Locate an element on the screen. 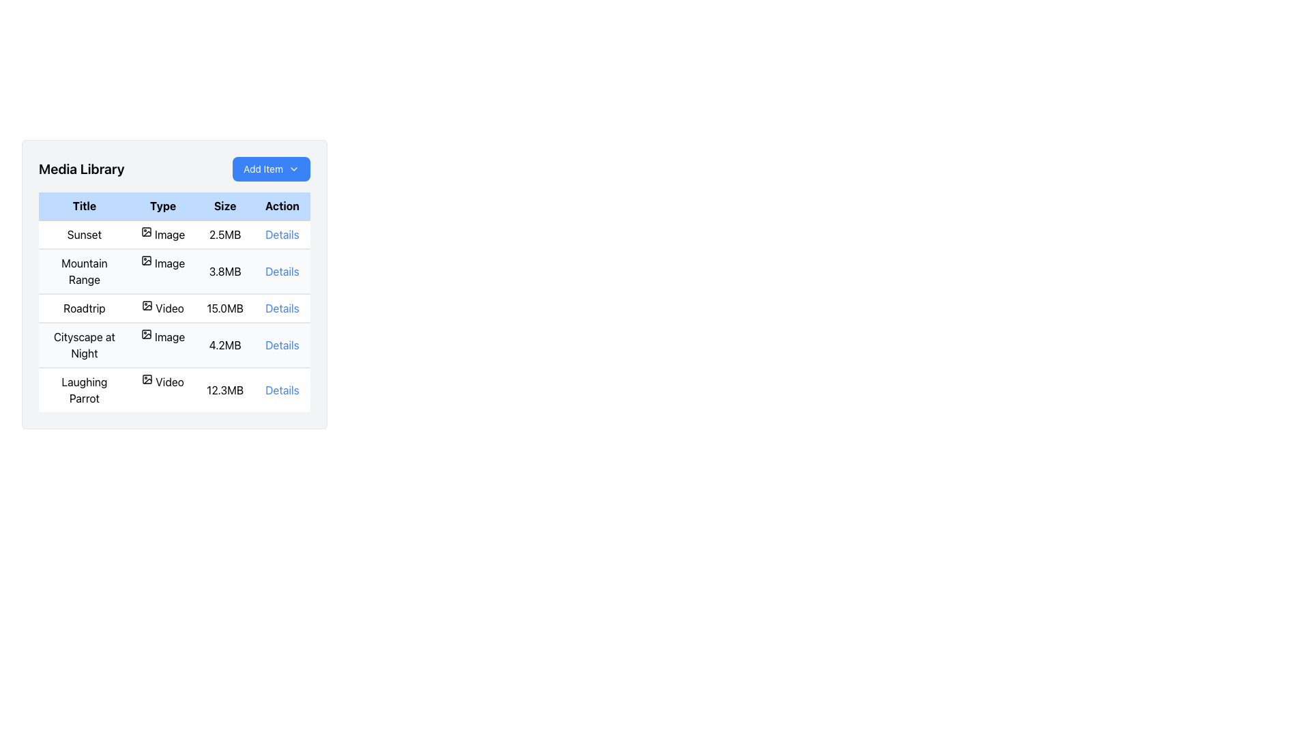 The width and height of the screenshot is (1310, 737). SVG rectangle icon representing a video file located in the 'Type' column of the table, specifically in the last row for 'Laughing Parrot' is located at coordinates (147, 379).